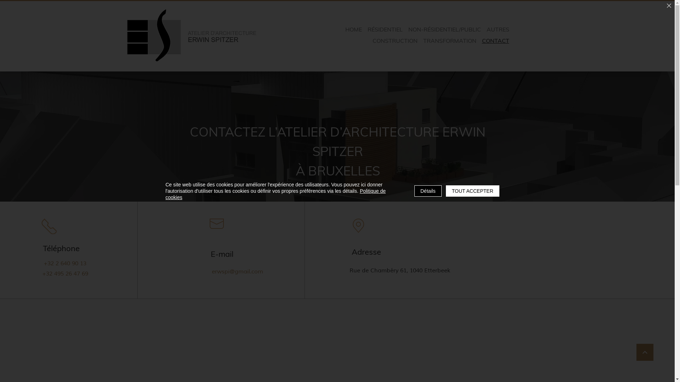 The height and width of the screenshot is (382, 680). I want to click on 'erwspi@gmail.com', so click(238, 271).